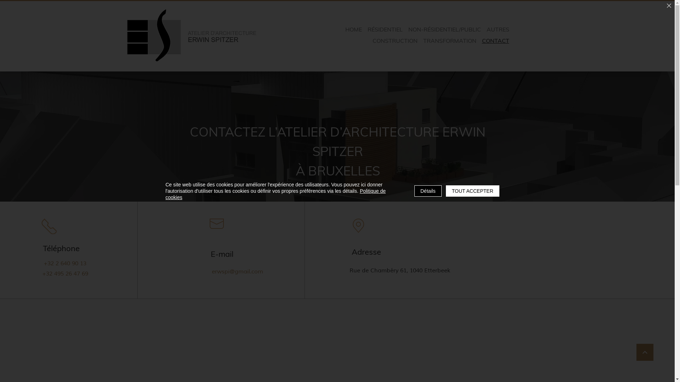 The height and width of the screenshot is (382, 680). I want to click on 'erwspi@gmail.com', so click(238, 271).